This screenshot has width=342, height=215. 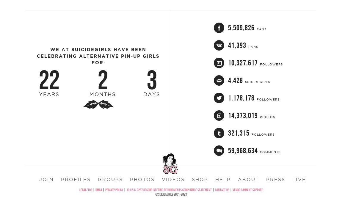 What do you see at coordinates (299, 194) in the screenshot?
I see `'LIVE'` at bounding box center [299, 194].